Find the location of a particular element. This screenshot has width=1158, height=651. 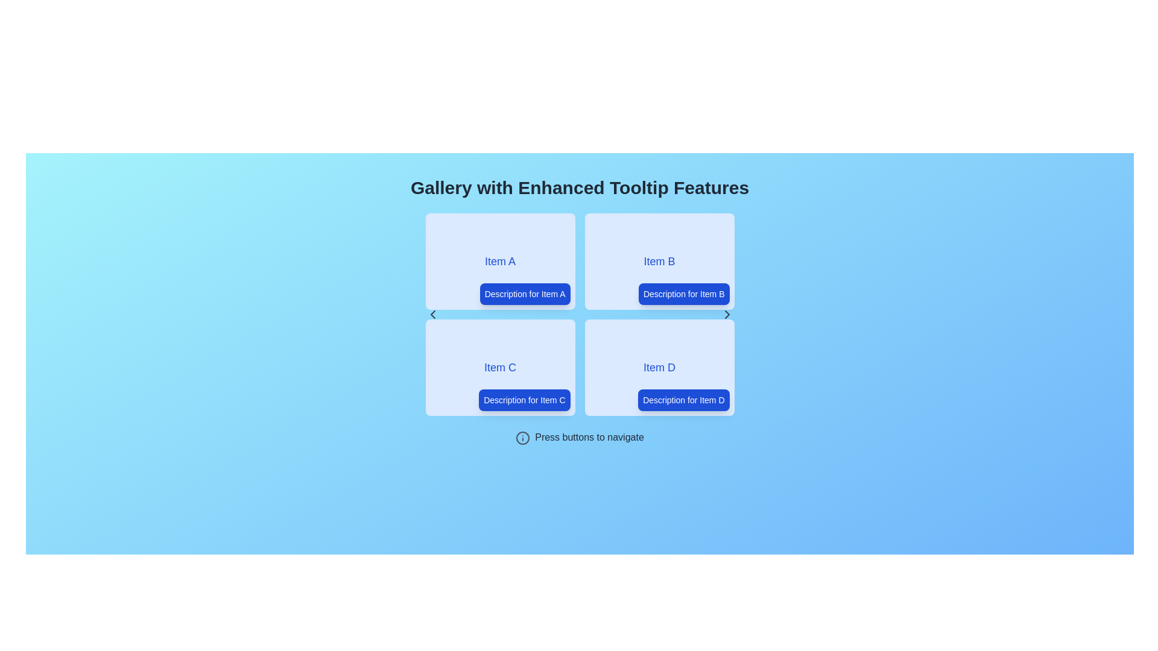

the button or label associated with 'Item D', located at the bottom-right corner of its bounding box is located at coordinates (683, 400).